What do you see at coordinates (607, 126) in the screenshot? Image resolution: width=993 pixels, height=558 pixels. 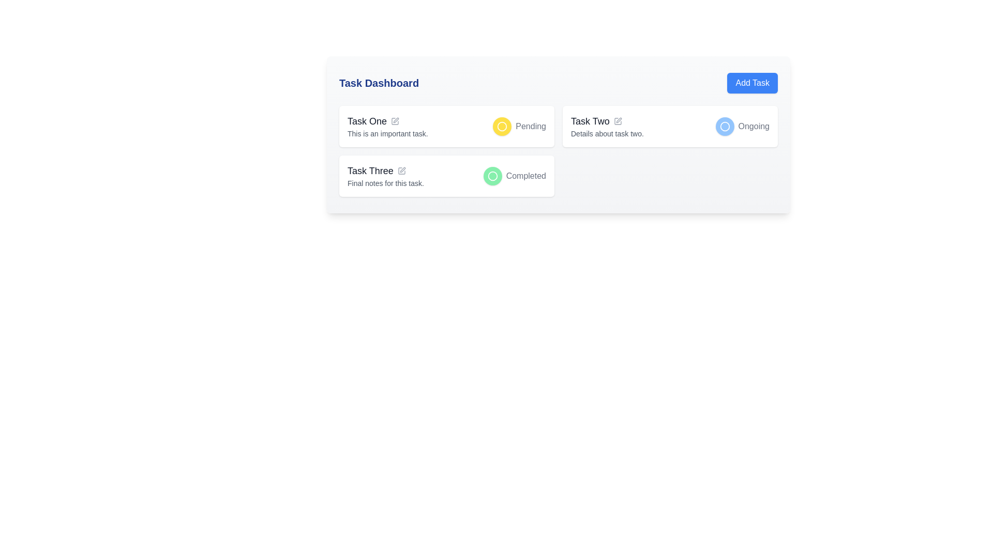 I see `the pencil icon adjacent to the title 'Task Two'` at bounding box center [607, 126].